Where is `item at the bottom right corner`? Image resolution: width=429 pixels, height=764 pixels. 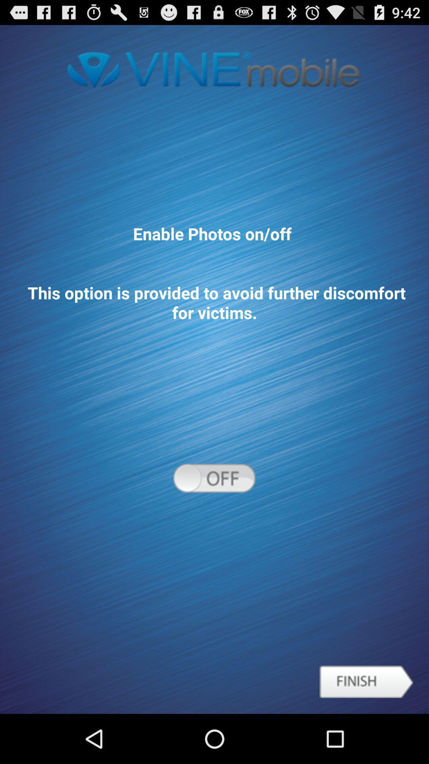 item at the bottom right corner is located at coordinates (366, 681).